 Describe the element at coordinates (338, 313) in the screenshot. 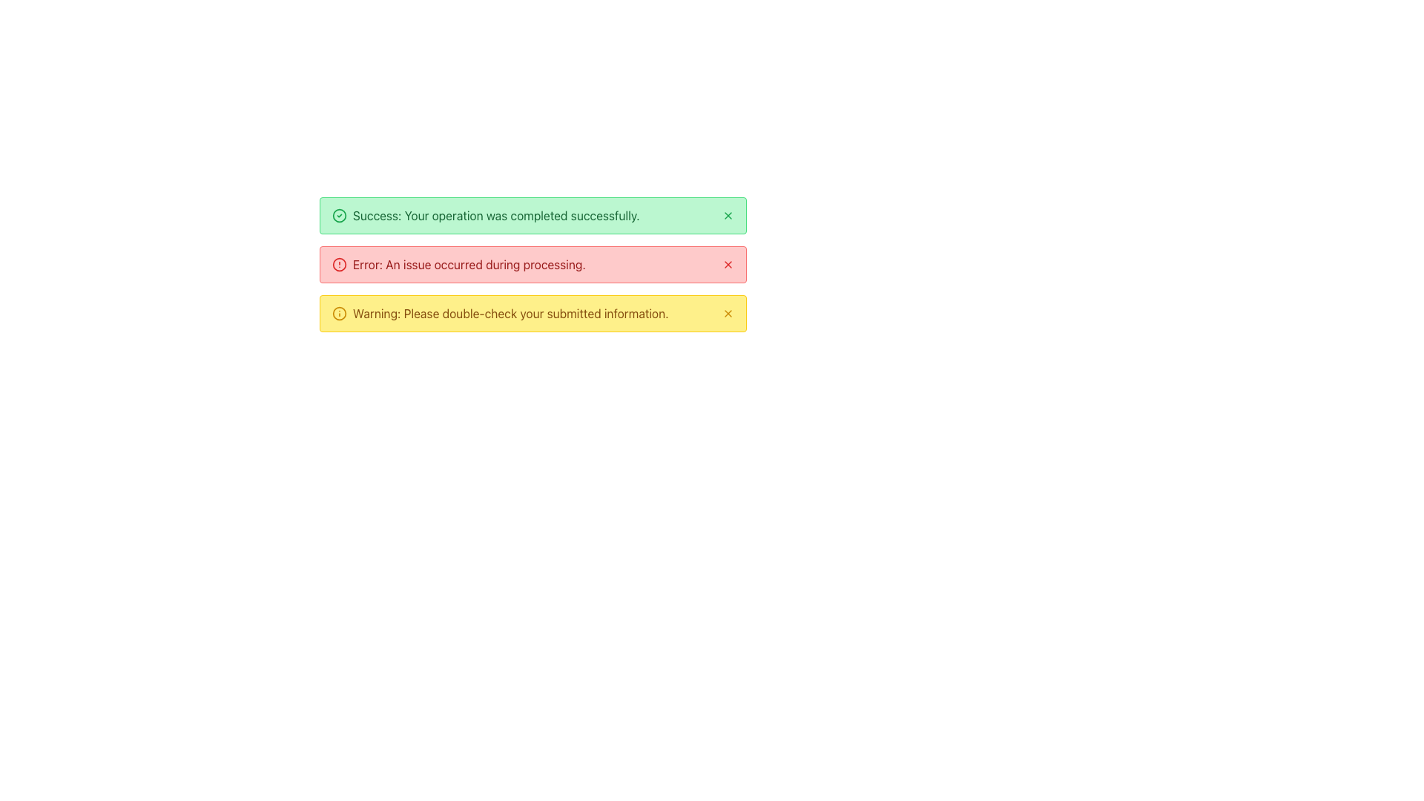

I see `the circular information icon with a yellow background located at the far left of the warning message` at that location.